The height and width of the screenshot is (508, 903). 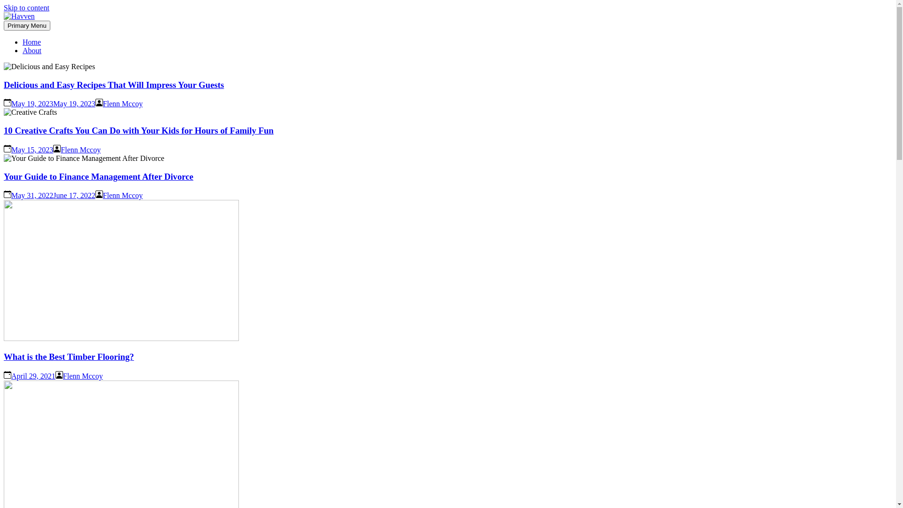 I want to click on 'Your Guide to Finance Management After Divorce', so click(x=98, y=176).